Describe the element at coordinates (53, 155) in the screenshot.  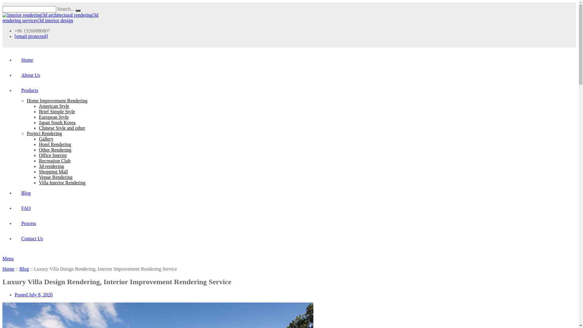
I see `'Office Interior'` at that location.